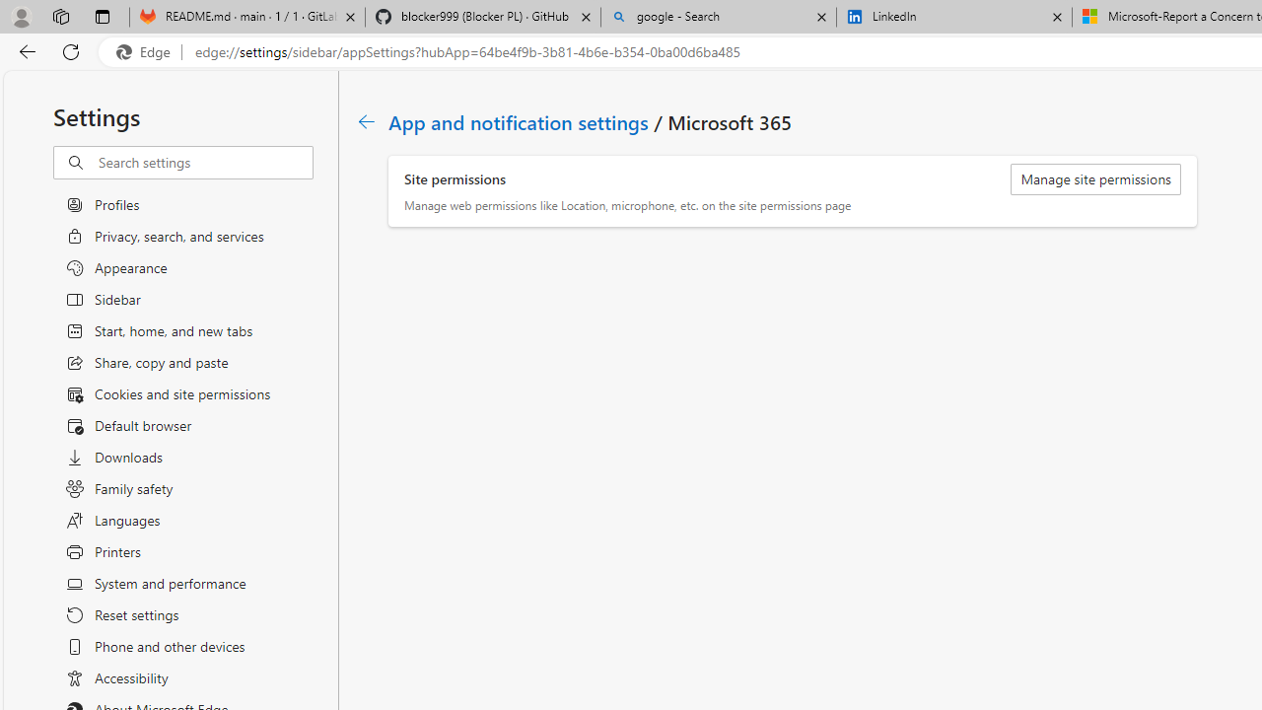 The width and height of the screenshot is (1262, 710). I want to click on 'Manage site permissions', so click(1094, 179).